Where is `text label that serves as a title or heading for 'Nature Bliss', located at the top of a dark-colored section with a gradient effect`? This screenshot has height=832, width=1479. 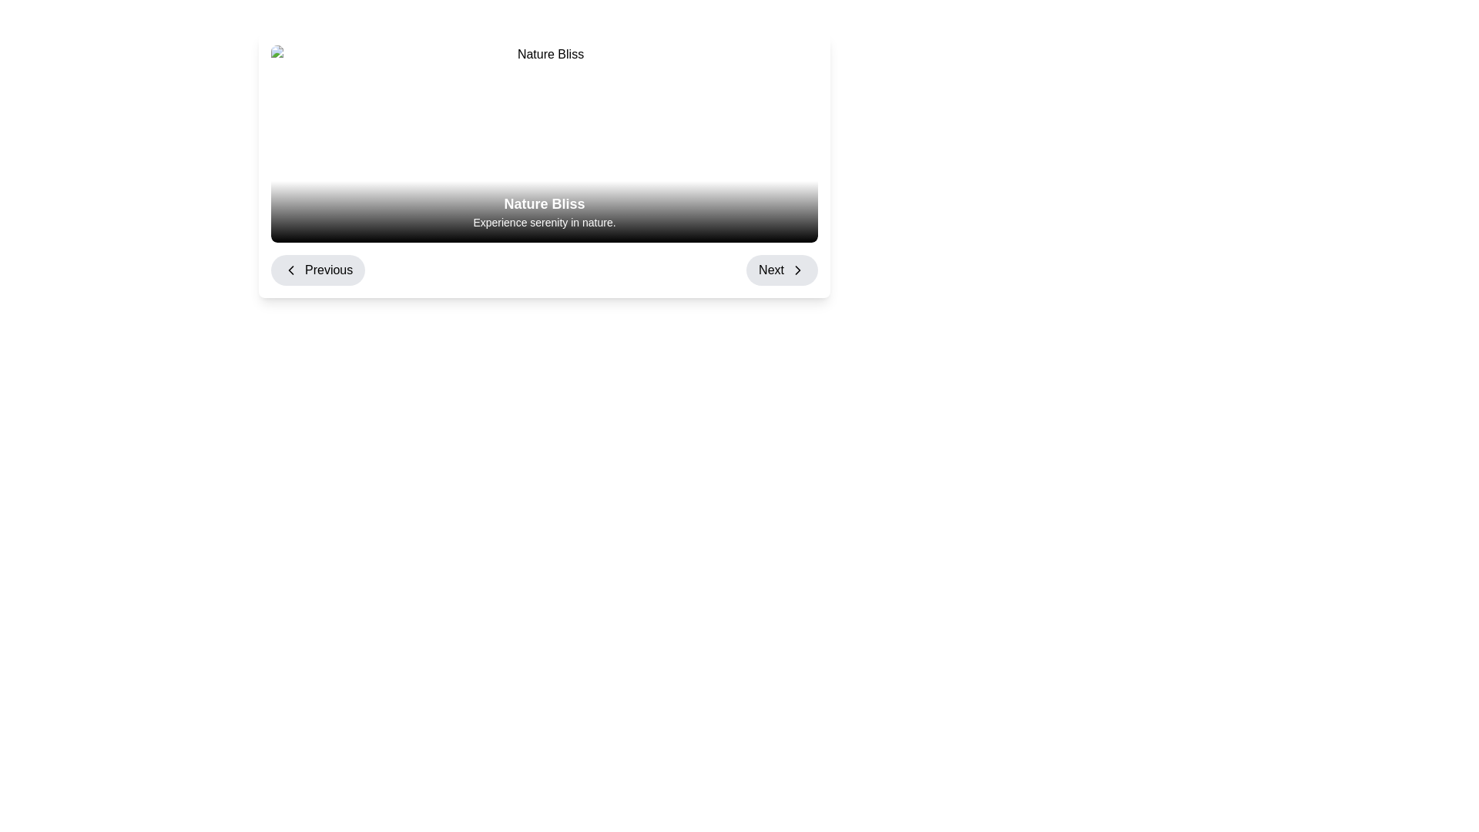
text label that serves as a title or heading for 'Nature Bliss', located at the top of a dark-colored section with a gradient effect is located at coordinates (544, 203).